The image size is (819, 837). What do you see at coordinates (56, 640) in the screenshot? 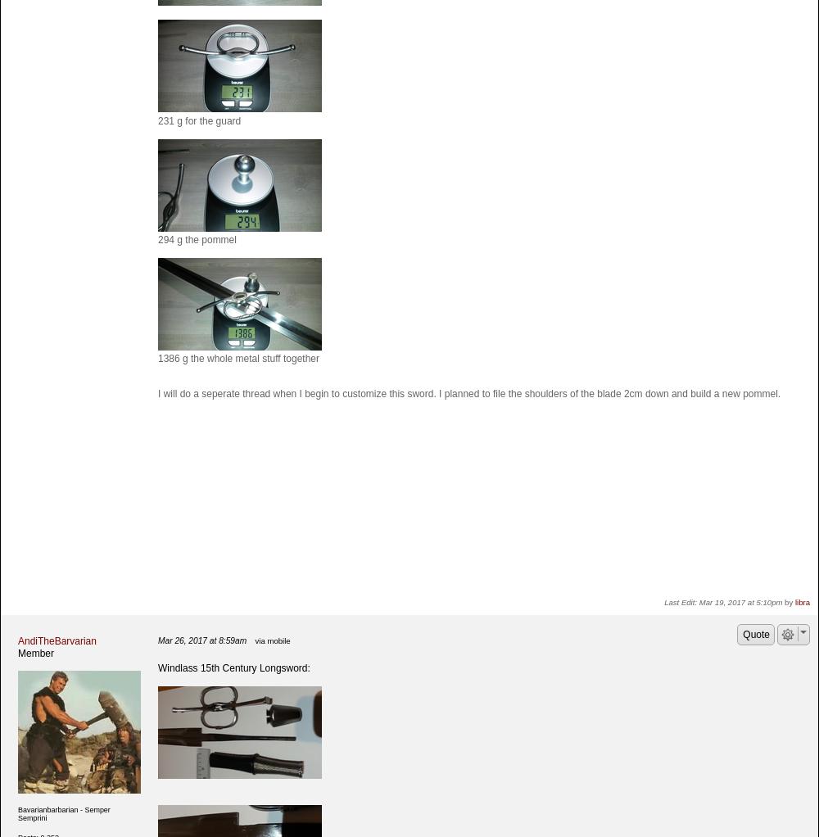
I see `'AndiTheBarvarian'` at bounding box center [56, 640].